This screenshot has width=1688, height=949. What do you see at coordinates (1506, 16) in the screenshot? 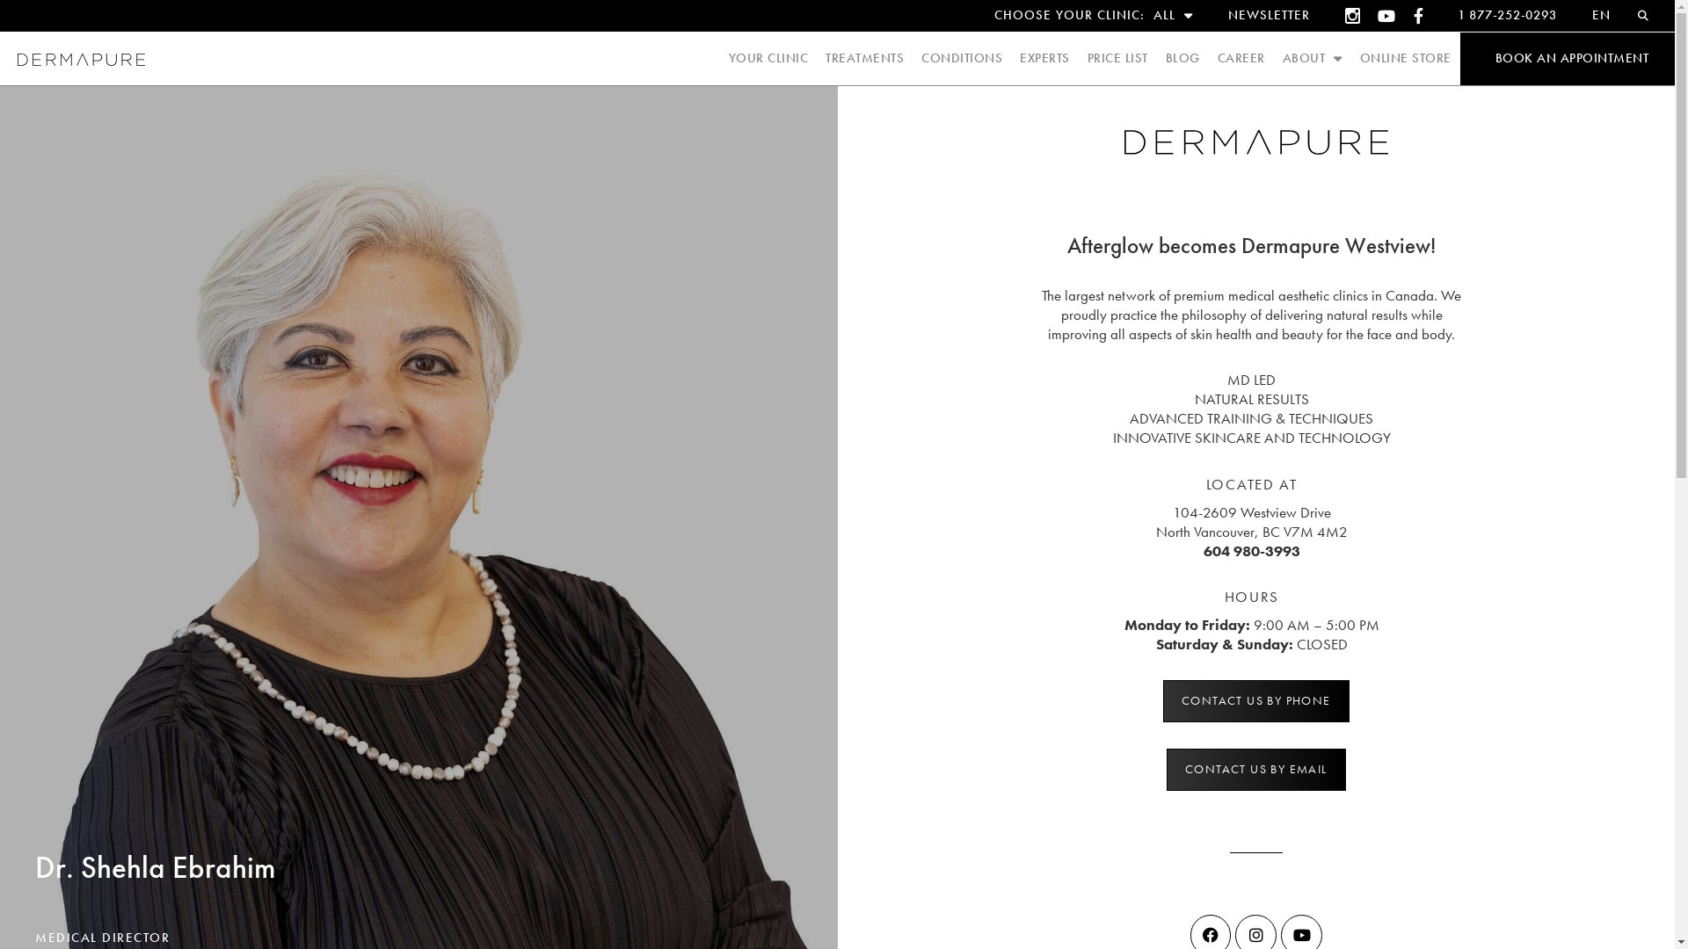
I see `'1 877-252-0293'` at bounding box center [1506, 16].